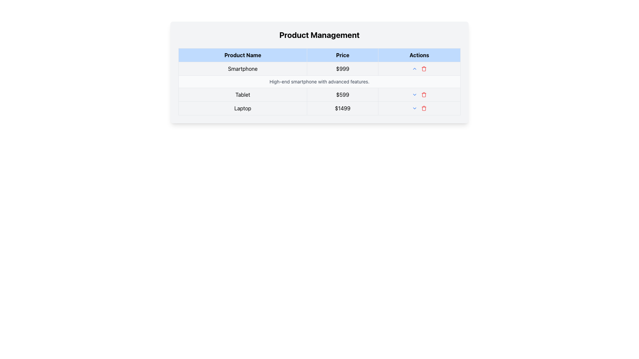 This screenshot has width=639, height=359. What do you see at coordinates (424, 95) in the screenshot?
I see `the delete icon in the 'Actions' column of the data table, specifically located in the second row for the 'Tablet' product` at bounding box center [424, 95].